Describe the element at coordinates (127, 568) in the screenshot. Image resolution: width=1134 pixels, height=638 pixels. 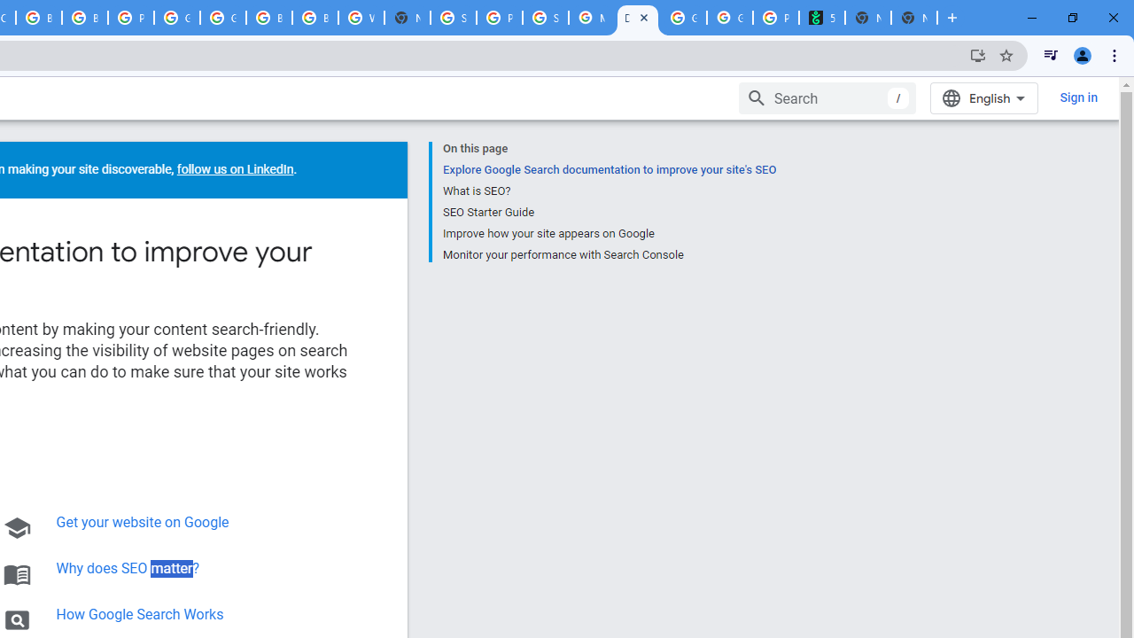
I see `'Why does SEO matter?'` at that location.